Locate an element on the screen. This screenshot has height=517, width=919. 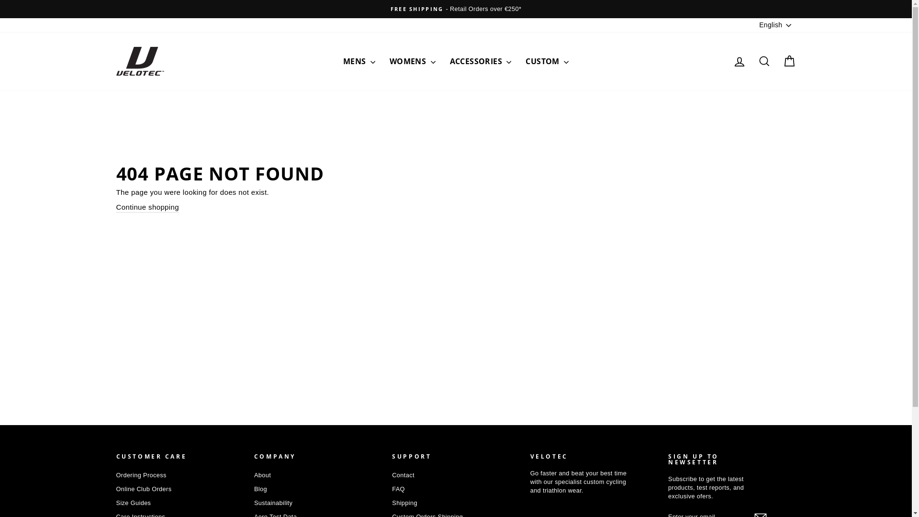
'English' is located at coordinates (776, 25).